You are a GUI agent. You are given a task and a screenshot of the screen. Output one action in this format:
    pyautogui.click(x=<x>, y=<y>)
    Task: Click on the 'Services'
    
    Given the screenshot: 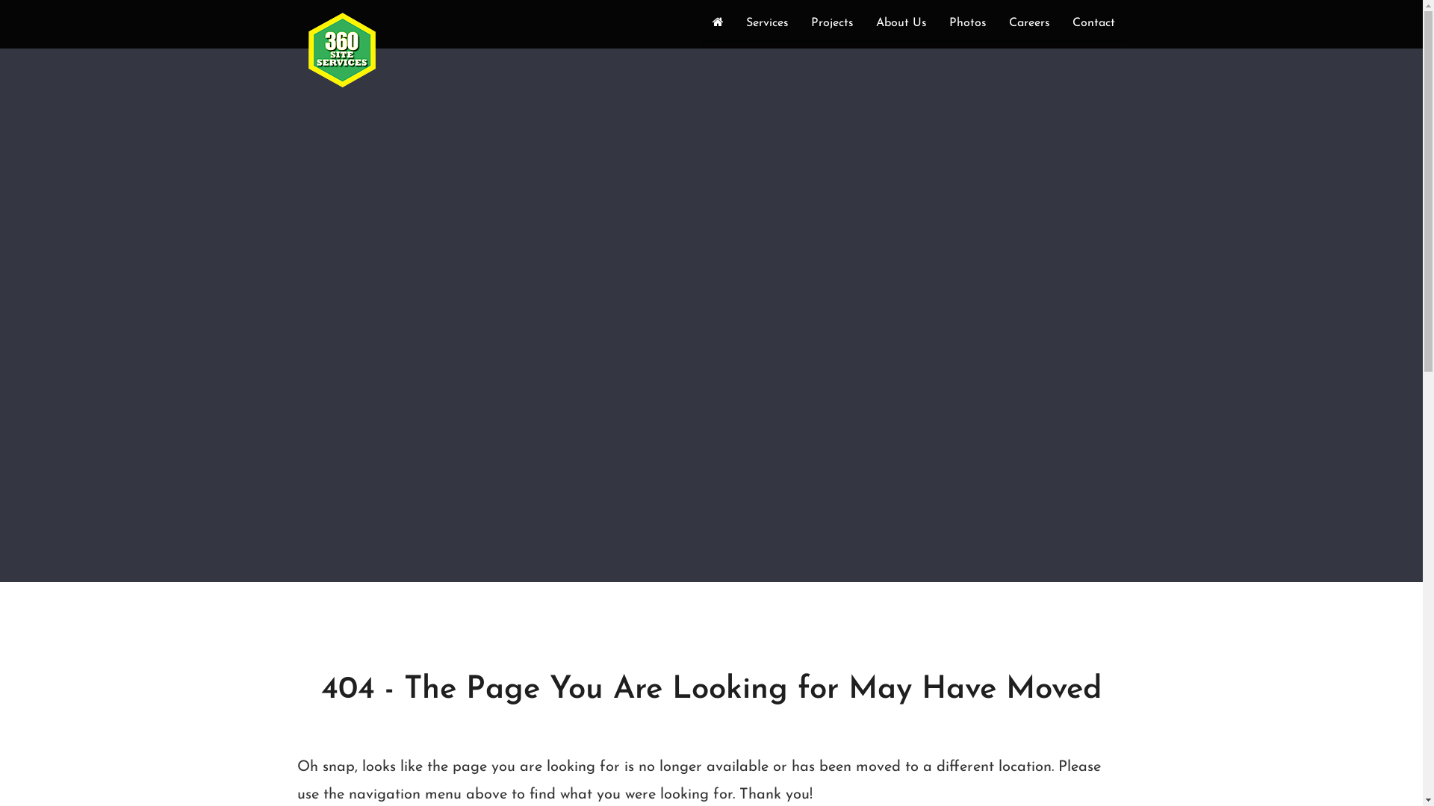 What is the action you would take?
    pyautogui.click(x=767, y=25)
    